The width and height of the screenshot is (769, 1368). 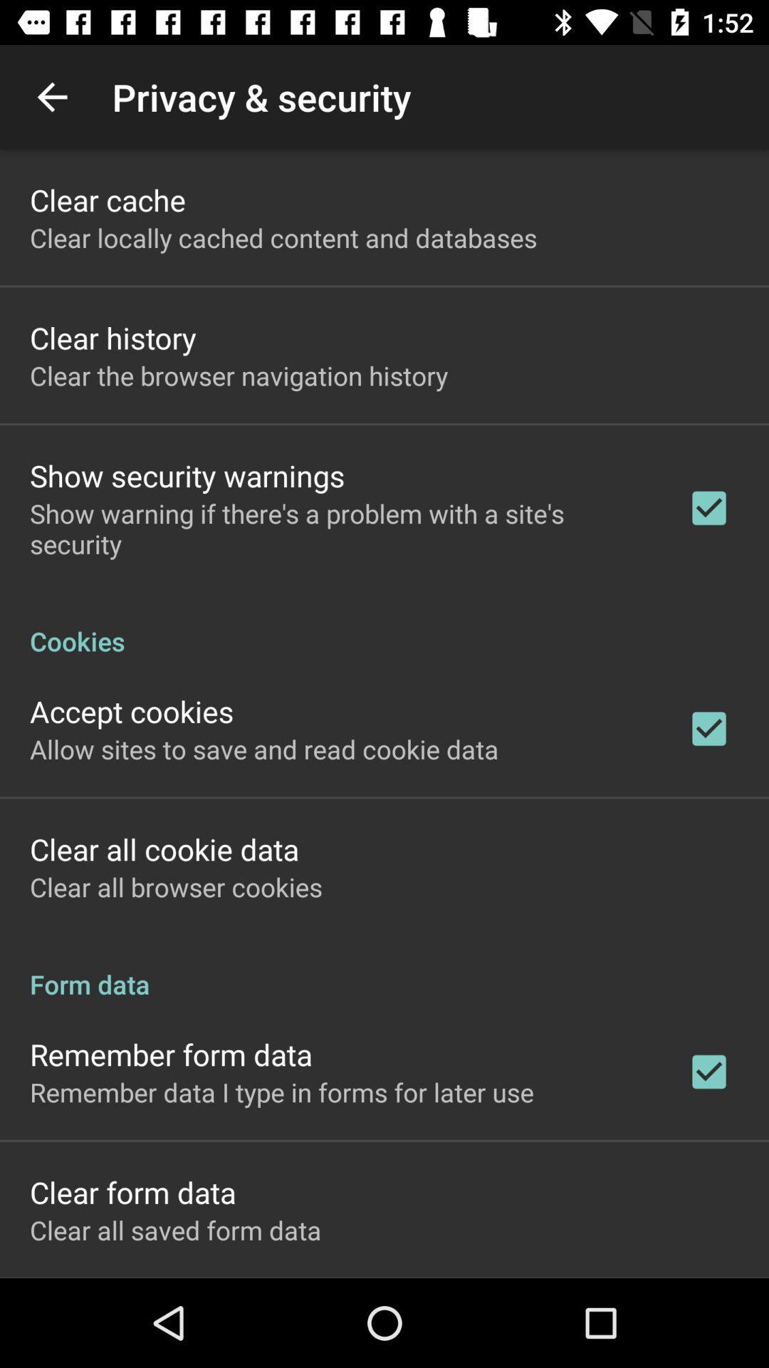 I want to click on the accept cookies, so click(x=132, y=711).